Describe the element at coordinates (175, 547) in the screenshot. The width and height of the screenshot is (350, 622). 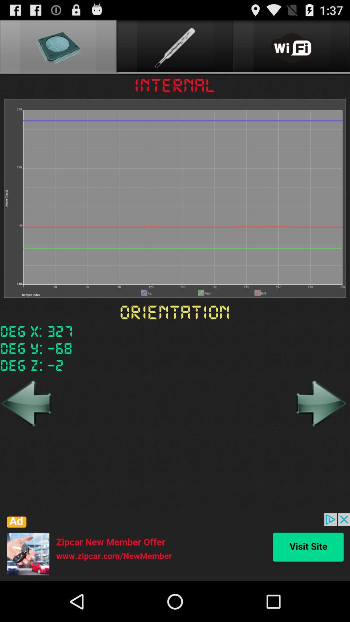
I see `advertisement the article` at that location.